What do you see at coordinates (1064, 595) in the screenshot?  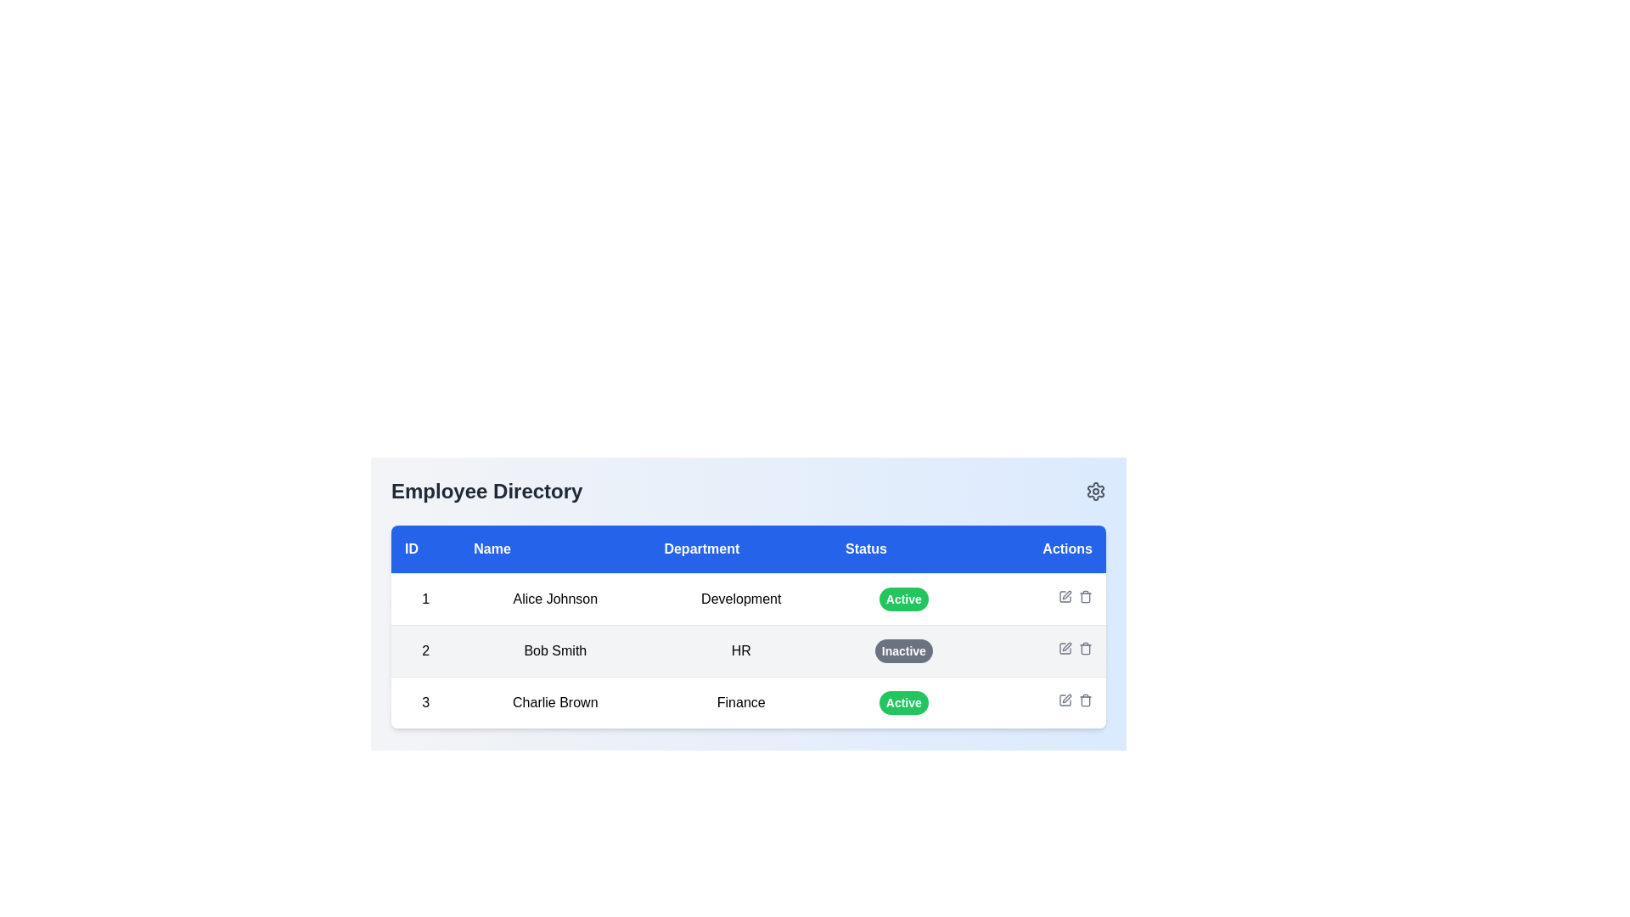 I see `the pen-shaped icon located in the first row of the employee directory table, immediately to the right of the 'Active' status indicator for 'Alice Johnson'` at bounding box center [1064, 595].